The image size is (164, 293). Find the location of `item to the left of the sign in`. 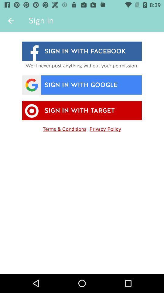

item to the left of the sign in is located at coordinates (11, 21).